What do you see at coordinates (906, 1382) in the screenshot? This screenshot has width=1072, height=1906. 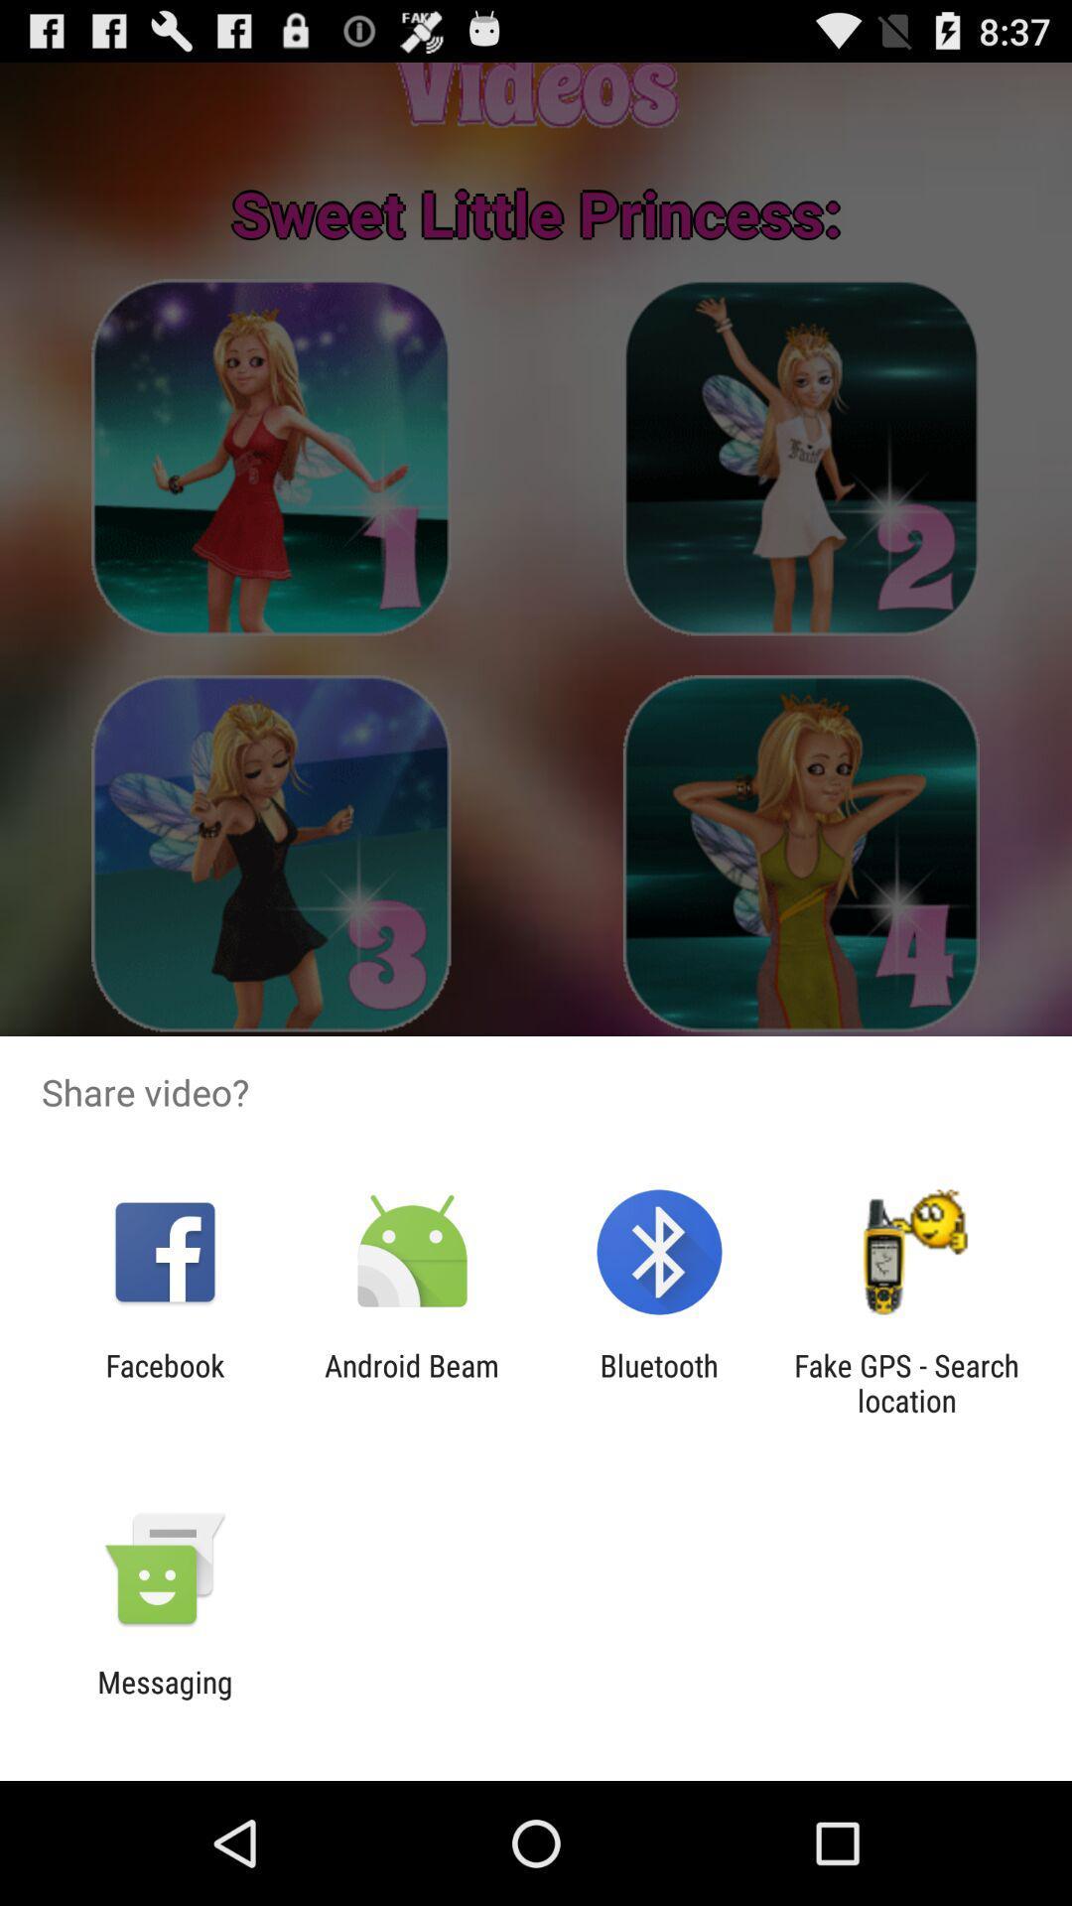 I see `fake gps search icon` at bounding box center [906, 1382].